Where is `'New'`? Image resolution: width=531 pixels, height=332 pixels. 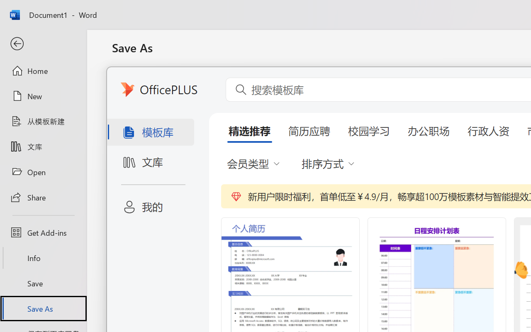
'New' is located at coordinates (43, 96).